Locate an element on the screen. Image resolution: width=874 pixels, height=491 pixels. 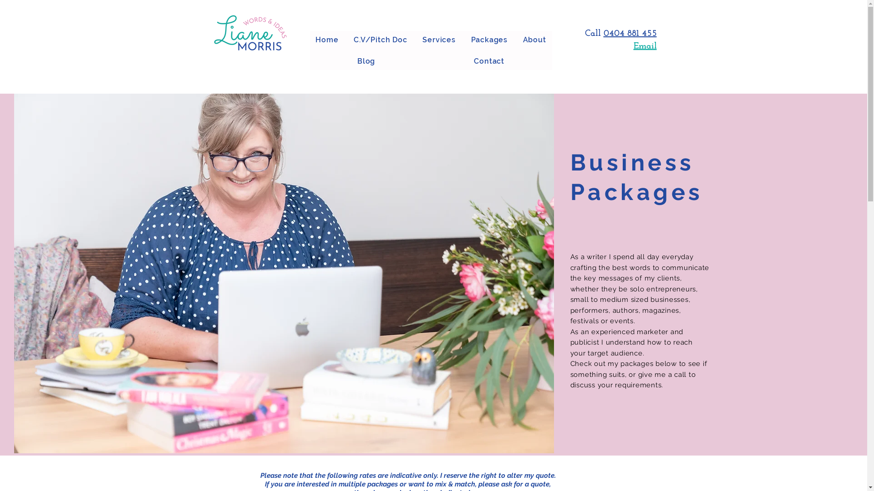
'About' is located at coordinates (534, 39).